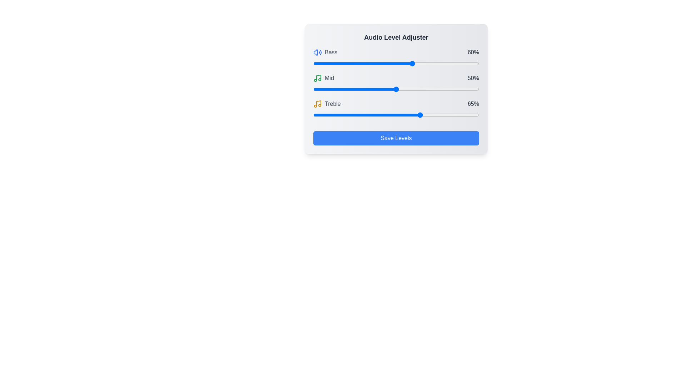  What do you see at coordinates (411, 114) in the screenshot?
I see `the slider` at bounding box center [411, 114].